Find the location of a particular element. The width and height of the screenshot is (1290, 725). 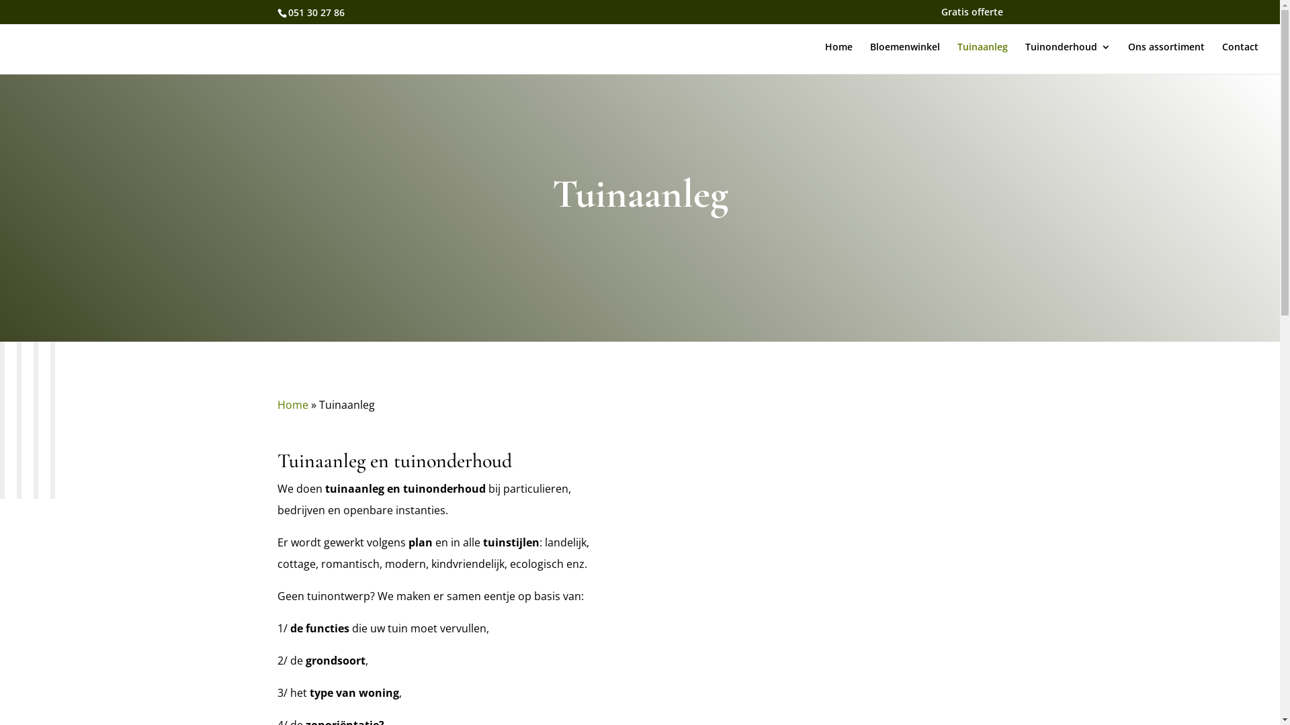

'051 30 27 86' is located at coordinates (286, 11).